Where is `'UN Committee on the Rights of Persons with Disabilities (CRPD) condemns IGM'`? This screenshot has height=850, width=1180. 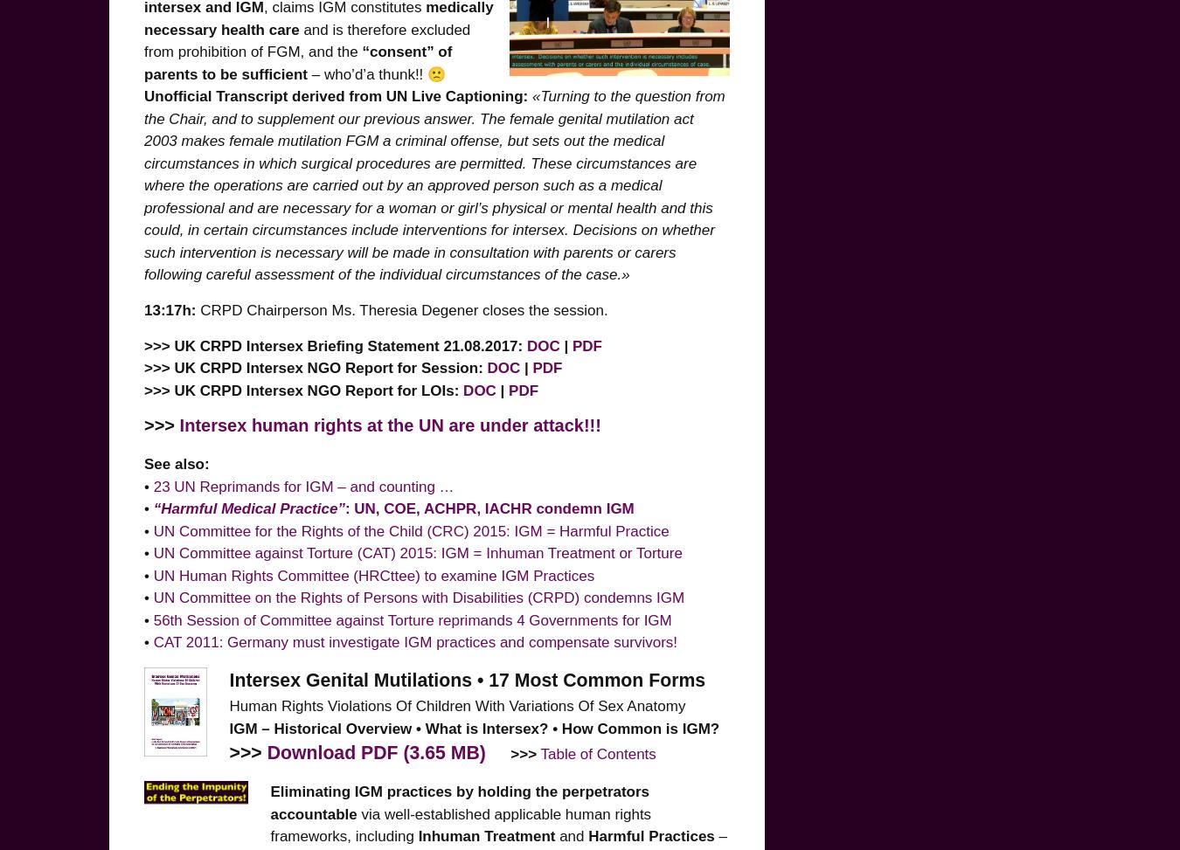 'UN Committee on the Rights of Persons with Disabilities (CRPD) condemns IGM' is located at coordinates (152, 597).